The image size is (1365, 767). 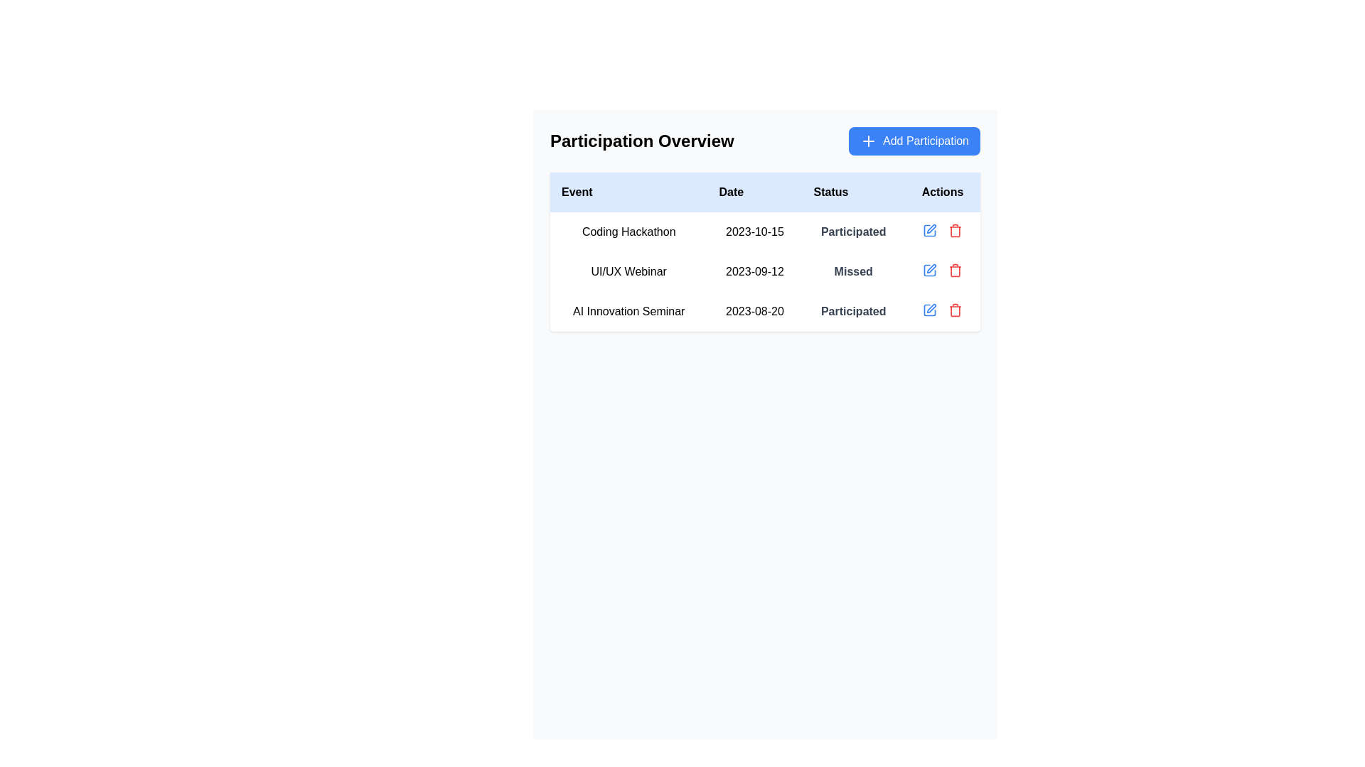 What do you see at coordinates (764, 271) in the screenshot?
I see `the second row of the participation overview table that shows details about the 'UI/UX Webinar' event` at bounding box center [764, 271].